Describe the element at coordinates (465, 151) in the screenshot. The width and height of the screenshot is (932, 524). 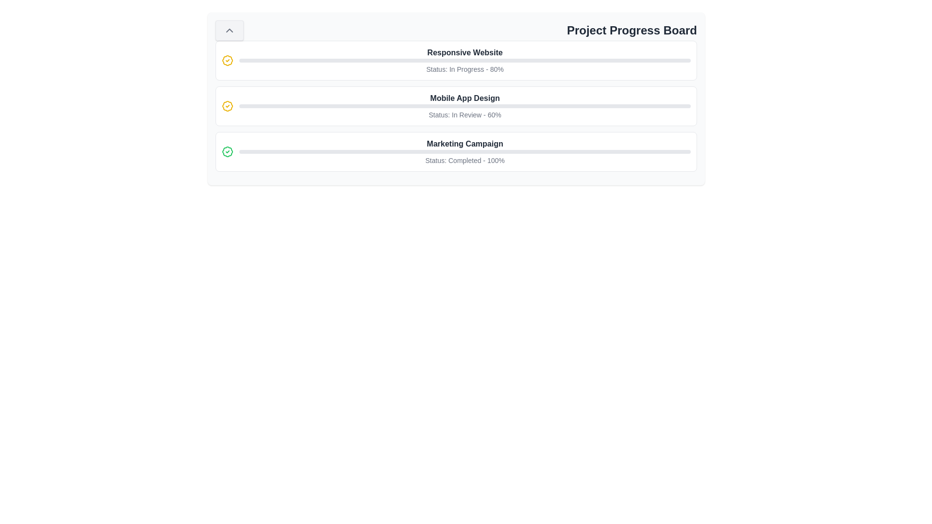
I see `the informational display block showing 'Marketing Campaign' with the status 'Completed - 100%' under the 'Project Progress Board' heading` at that location.